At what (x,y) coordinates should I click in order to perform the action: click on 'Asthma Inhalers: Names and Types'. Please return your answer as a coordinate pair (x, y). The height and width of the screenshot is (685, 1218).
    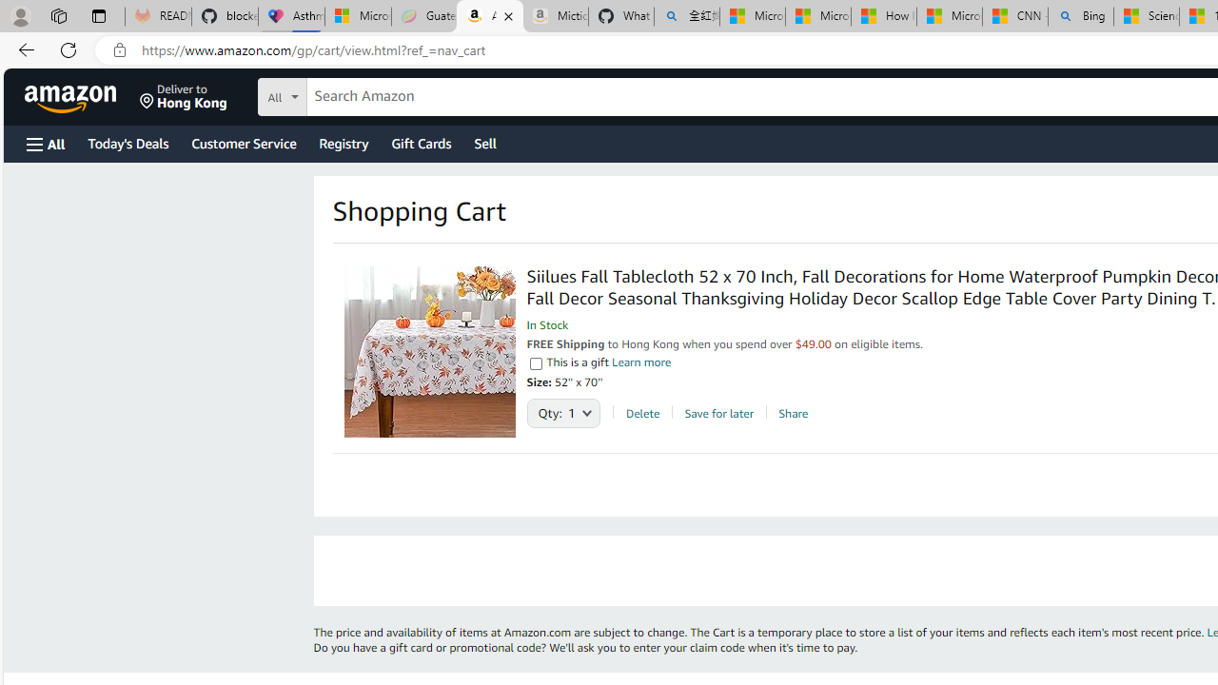
    Looking at the image, I should click on (289, 16).